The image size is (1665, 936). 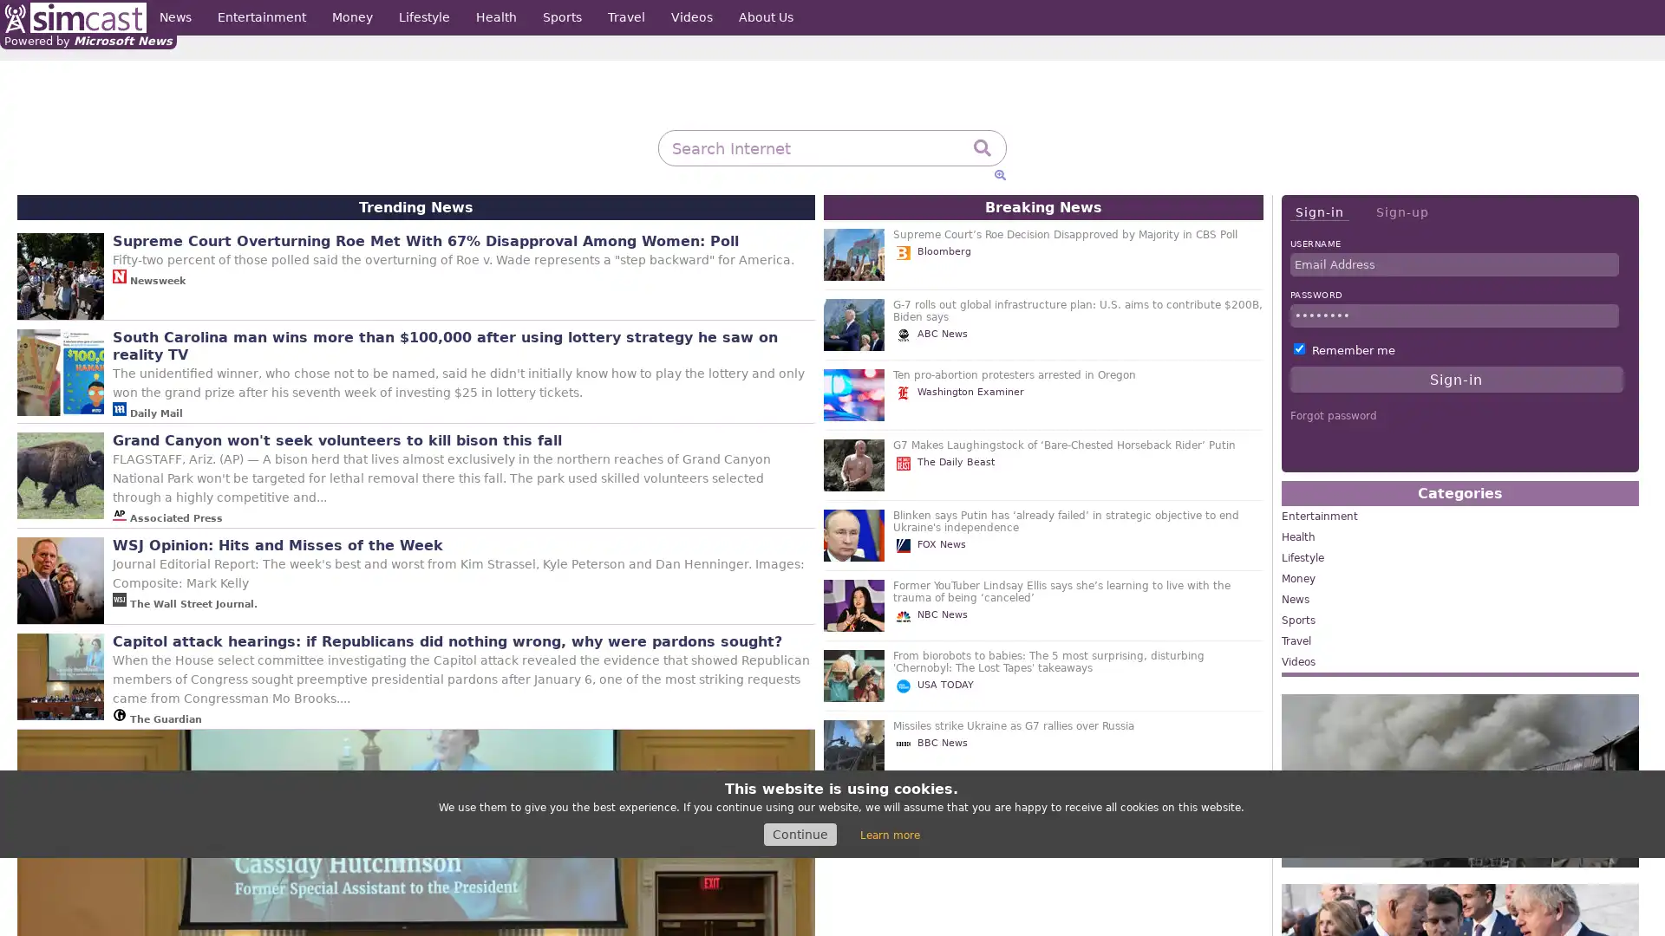 What do you see at coordinates (1401, 211) in the screenshot?
I see `Sign-up` at bounding box center [1401, 211].